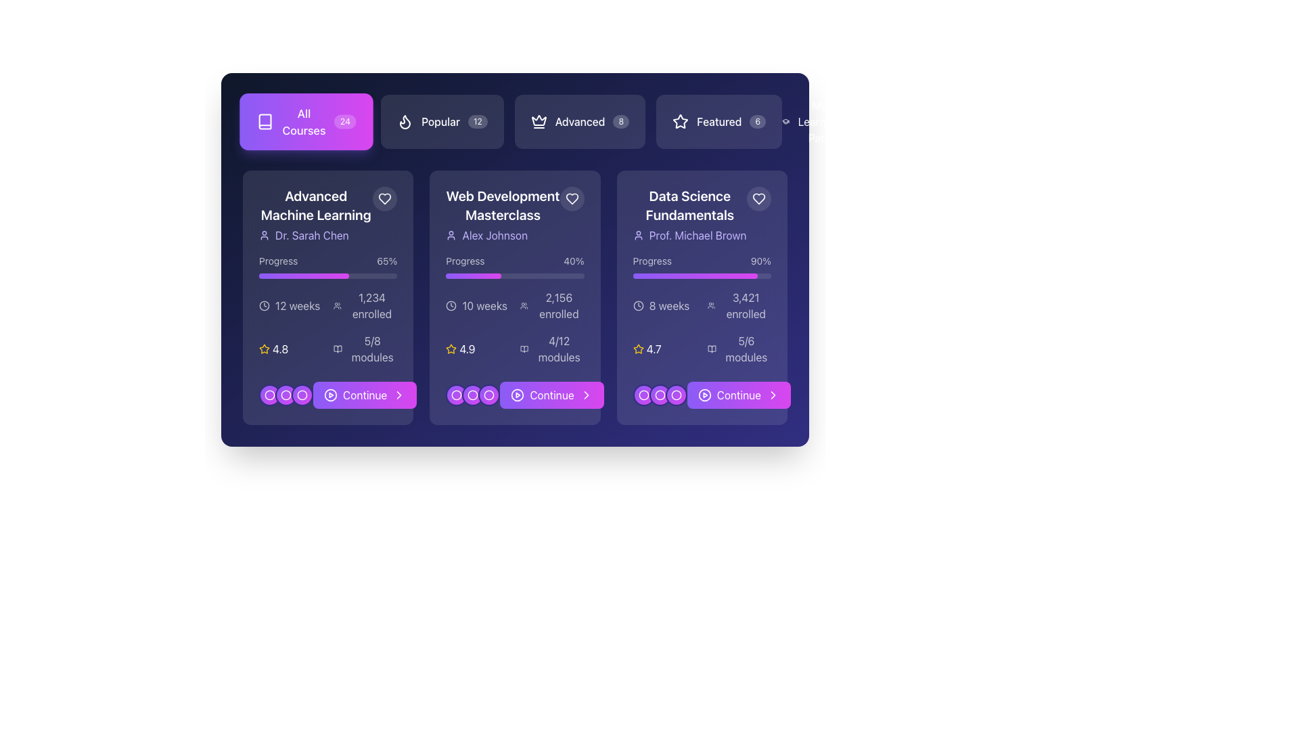  Describe the element at coordinates (306, 122) in the screenshot. I see `the 'All Courses' button, which is the first button in the navigation segment with a gradient background and a badge displaying '24'` at that location.